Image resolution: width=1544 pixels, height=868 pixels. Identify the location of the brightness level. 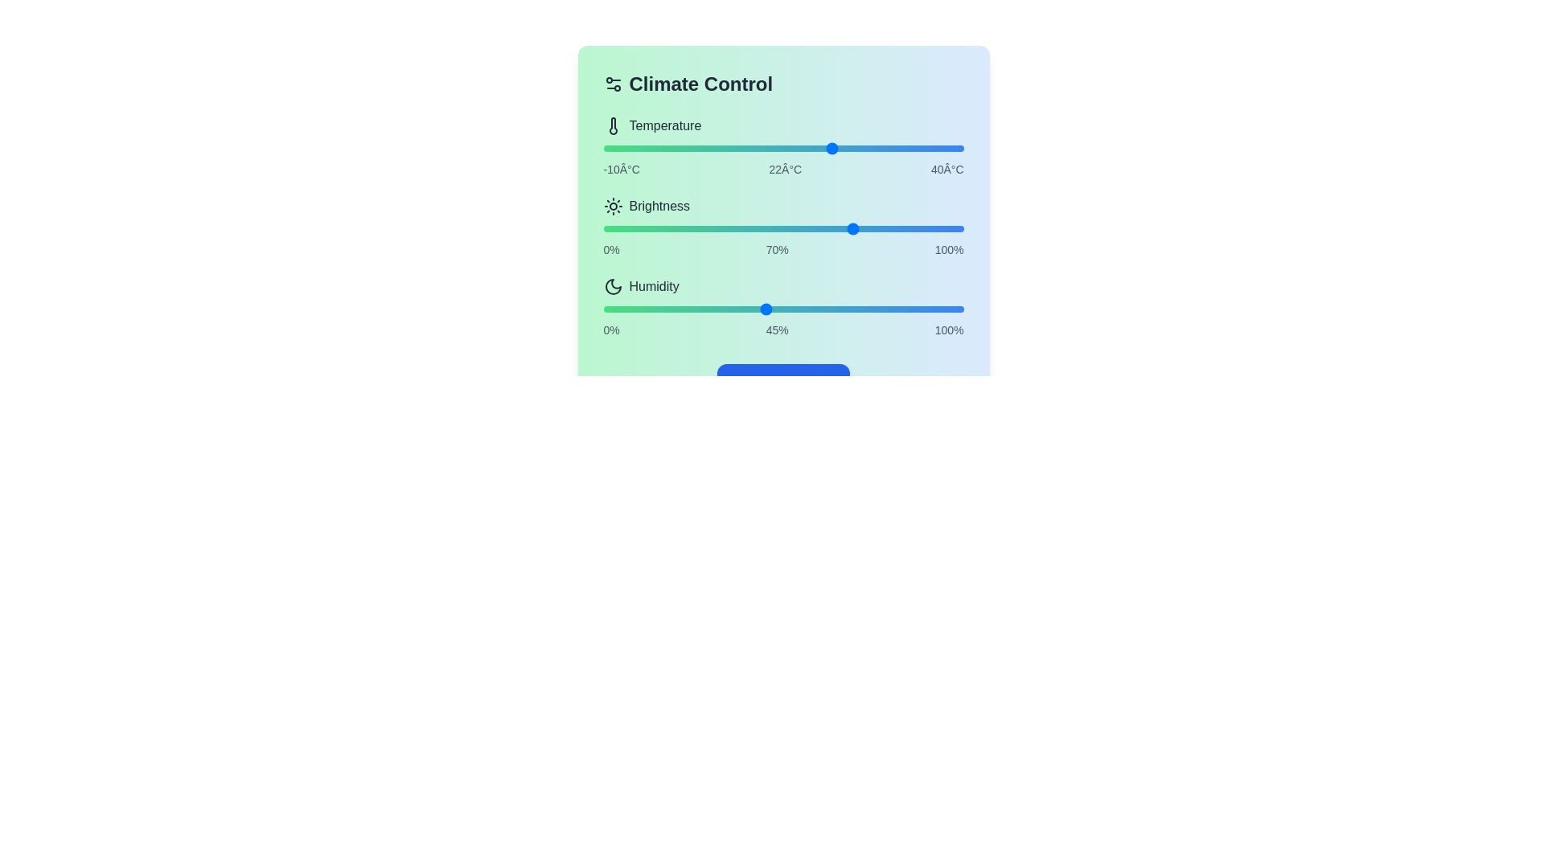
(627, 229).